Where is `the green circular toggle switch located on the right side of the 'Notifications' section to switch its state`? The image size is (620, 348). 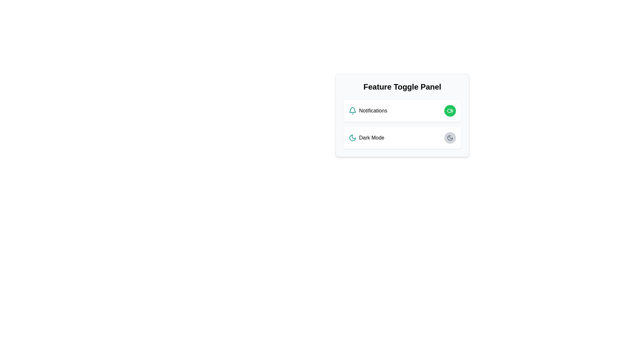
the green circular toggle switch located on the right side of the 'Notifications' section to switch its state is located at coordinates (449, 110).